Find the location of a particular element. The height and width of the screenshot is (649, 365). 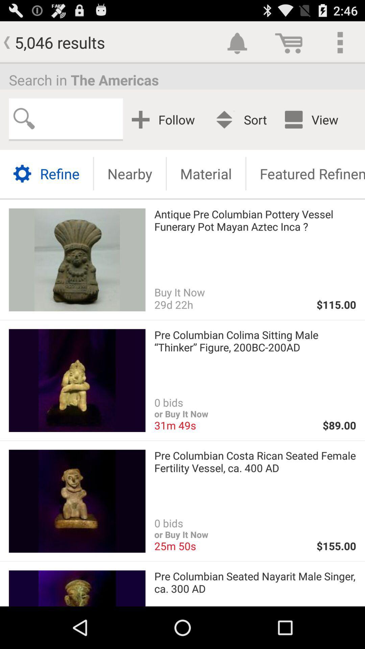

featured refinements icon is located at coordinates (306, 173).